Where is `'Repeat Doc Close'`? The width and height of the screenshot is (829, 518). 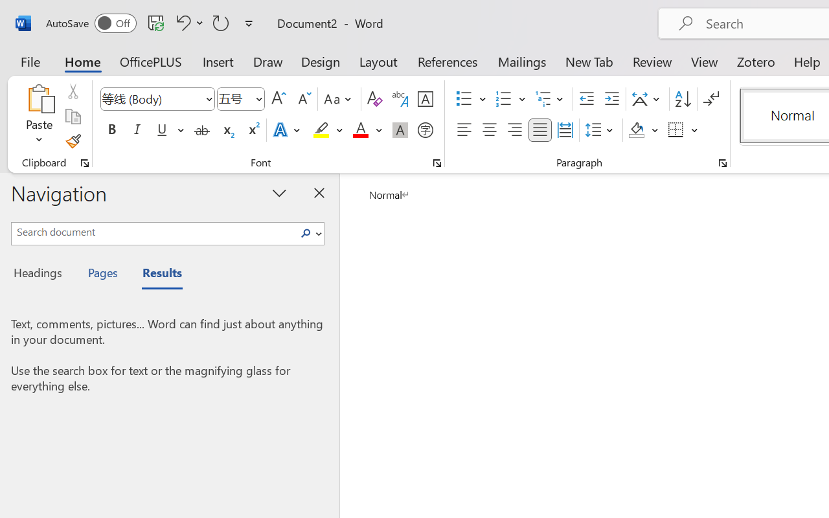 'Repeat Doc Close' is located at coordinates (221, 22).